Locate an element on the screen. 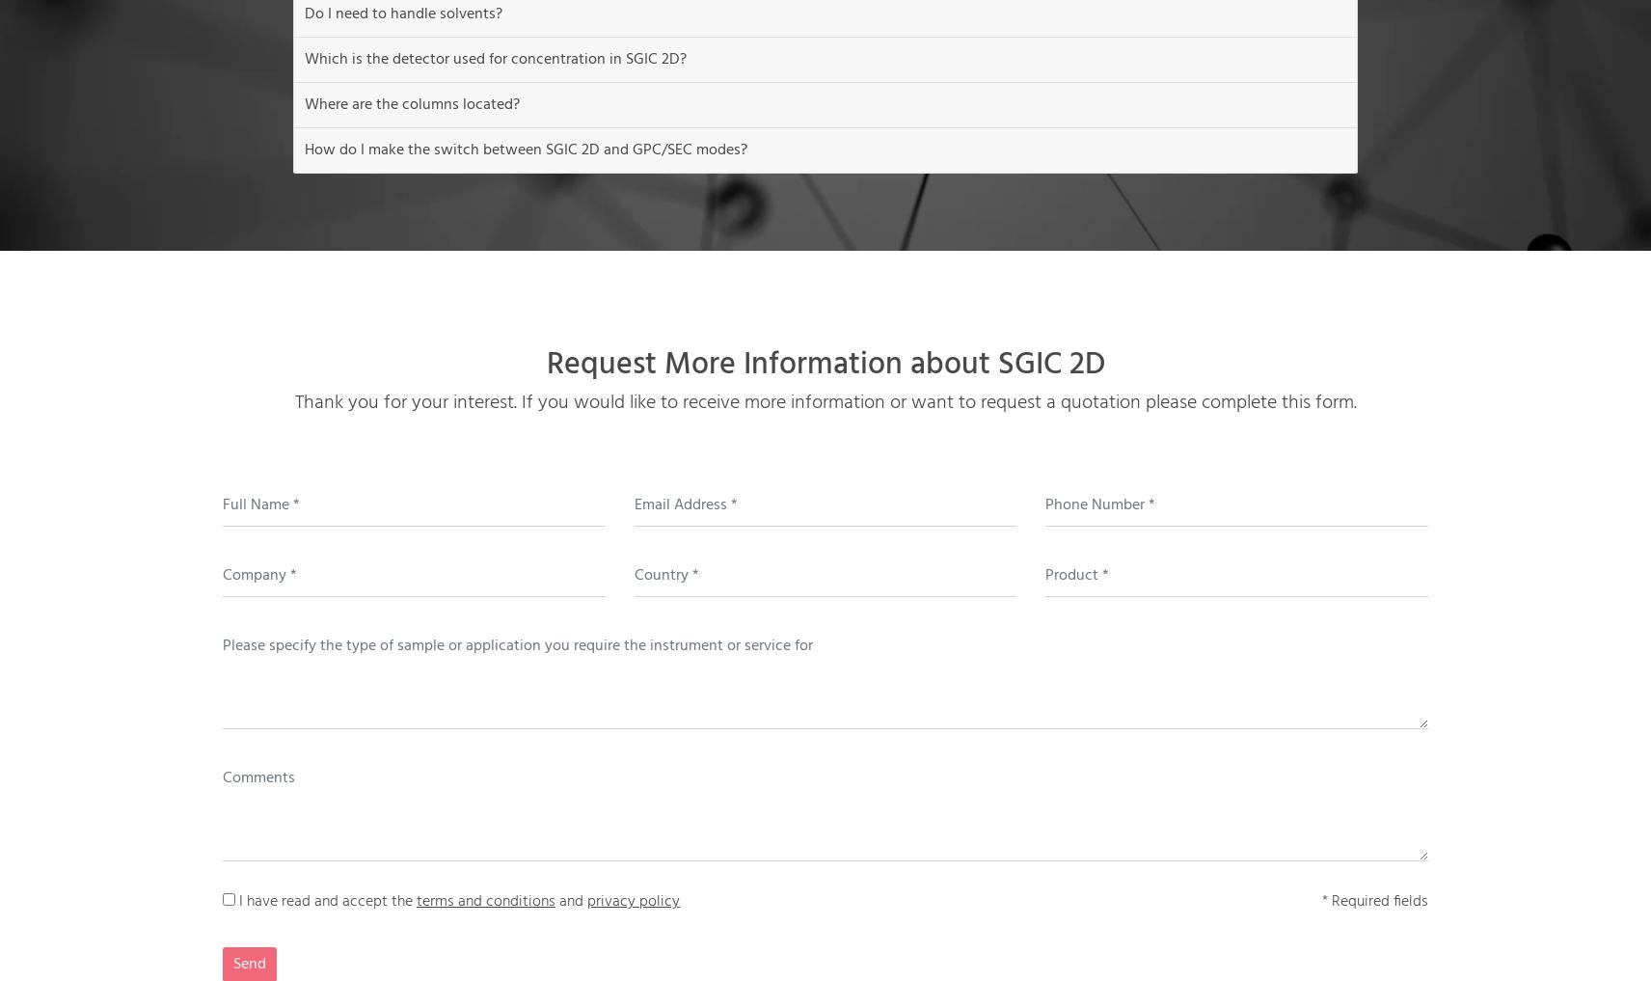  'privacy policy' is located at coordinates (585, 901).